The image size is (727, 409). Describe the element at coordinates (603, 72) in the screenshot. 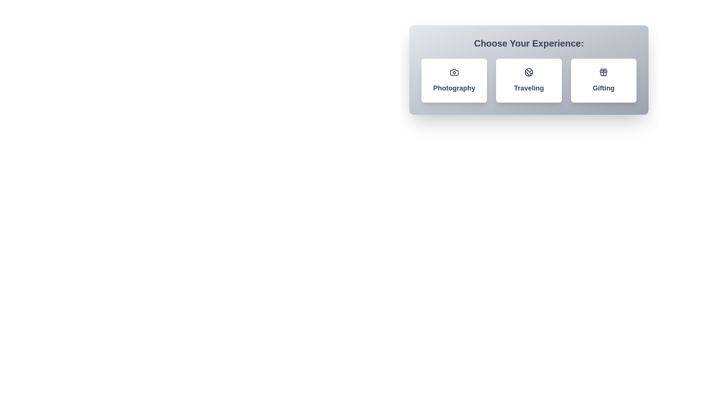

I see `the icon within the chip labeled Gifting` at that location.